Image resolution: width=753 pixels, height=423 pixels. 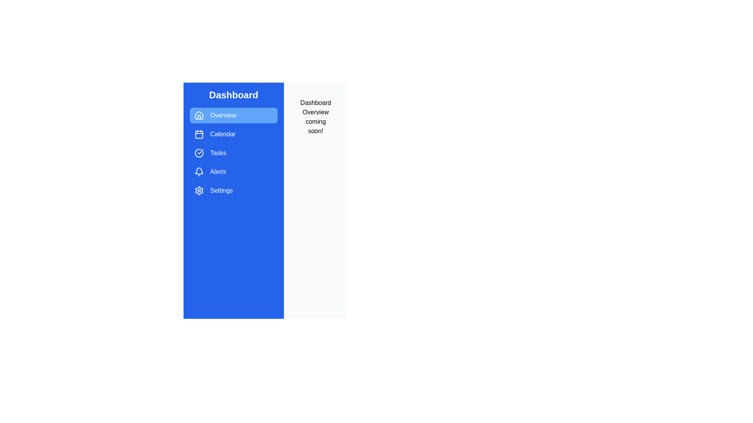 What do you see at coordinates (233, 134) in the screenshot?
I see `the 'Calendar' button` at bounding box center [233, 134].